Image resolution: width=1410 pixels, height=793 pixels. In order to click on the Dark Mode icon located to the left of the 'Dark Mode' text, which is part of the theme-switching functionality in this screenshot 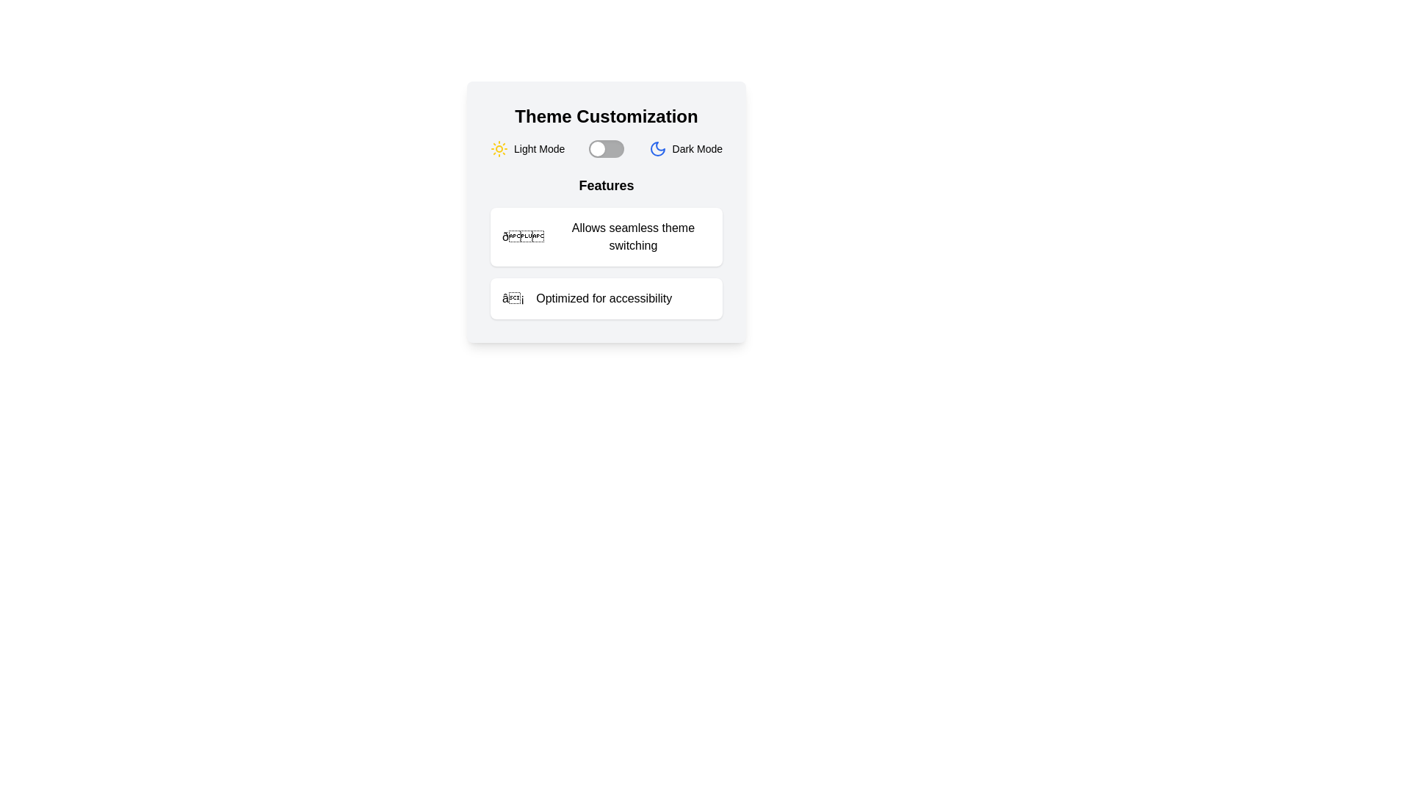, I will do `click(657, 149)`.